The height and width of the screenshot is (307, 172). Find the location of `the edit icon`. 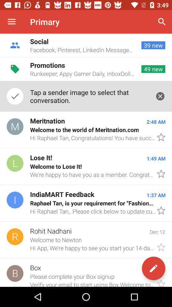

the edit icon is located at coordinates (153, 268).